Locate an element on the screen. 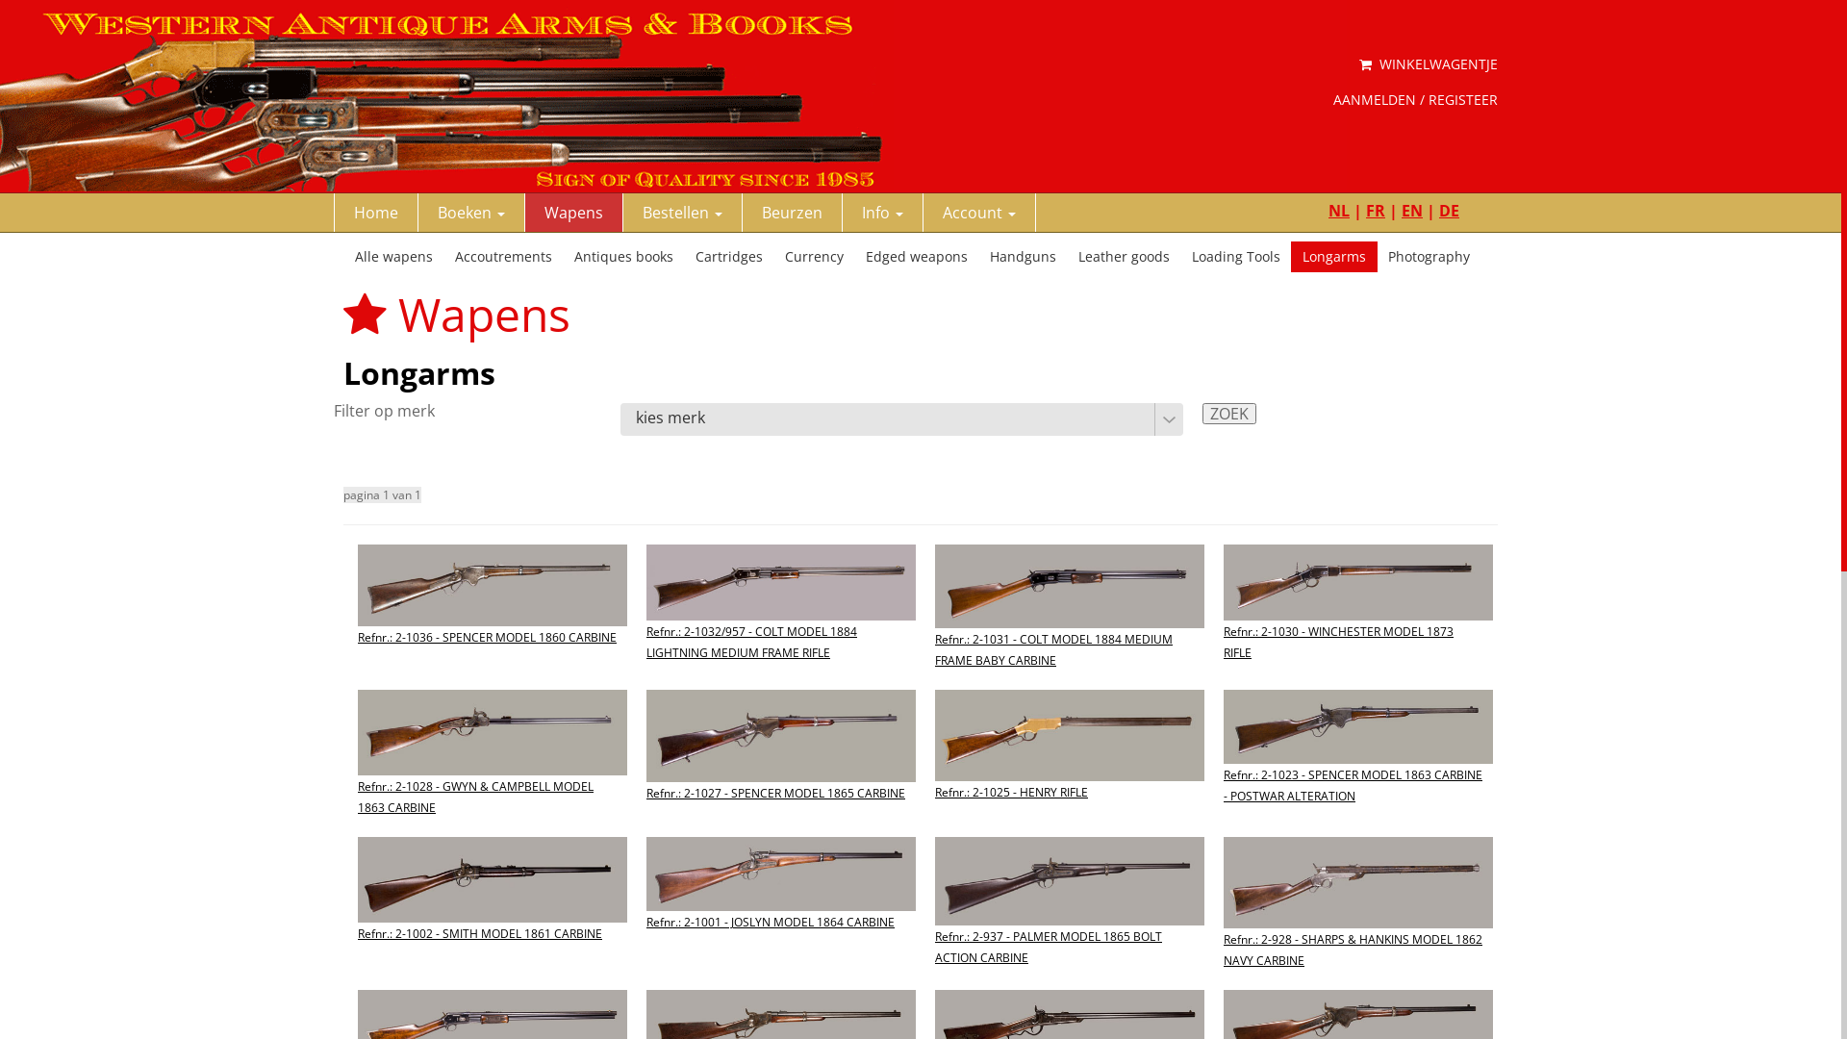 This screenshot has height=1039, width=1847. 'EN' is located at coordinates (1412, 211).